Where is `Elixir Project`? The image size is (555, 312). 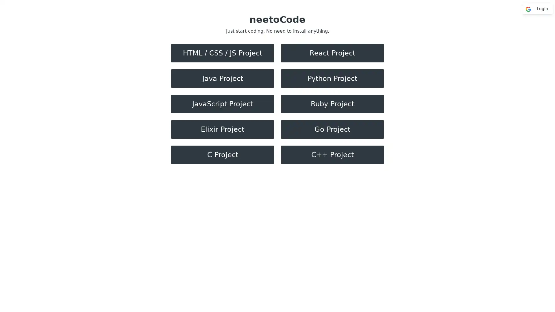 Elixir Project is located at coordinates (222, 129).